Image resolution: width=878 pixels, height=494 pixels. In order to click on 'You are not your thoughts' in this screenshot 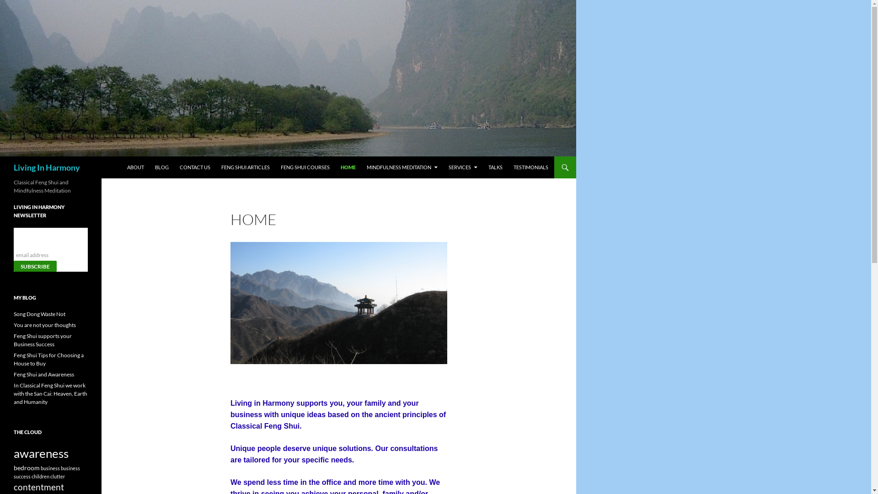, I will do `click(44, 324)`.